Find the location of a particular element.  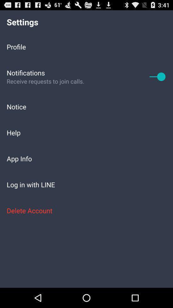

item below the help item is located at coordinates (86, 158).